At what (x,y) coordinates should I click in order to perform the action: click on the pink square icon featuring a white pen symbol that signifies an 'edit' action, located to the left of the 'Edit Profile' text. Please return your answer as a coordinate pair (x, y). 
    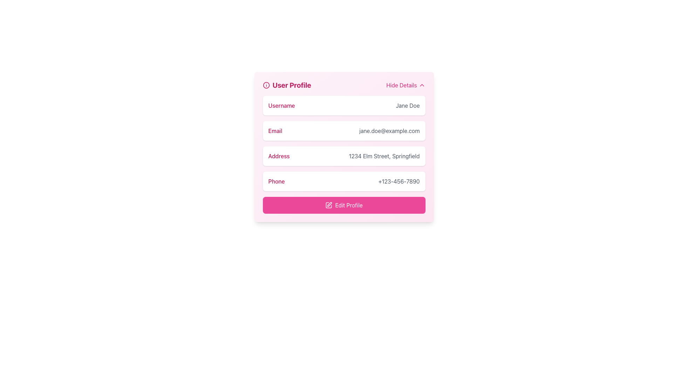
    Looking at the image, I should click on (328, 205).